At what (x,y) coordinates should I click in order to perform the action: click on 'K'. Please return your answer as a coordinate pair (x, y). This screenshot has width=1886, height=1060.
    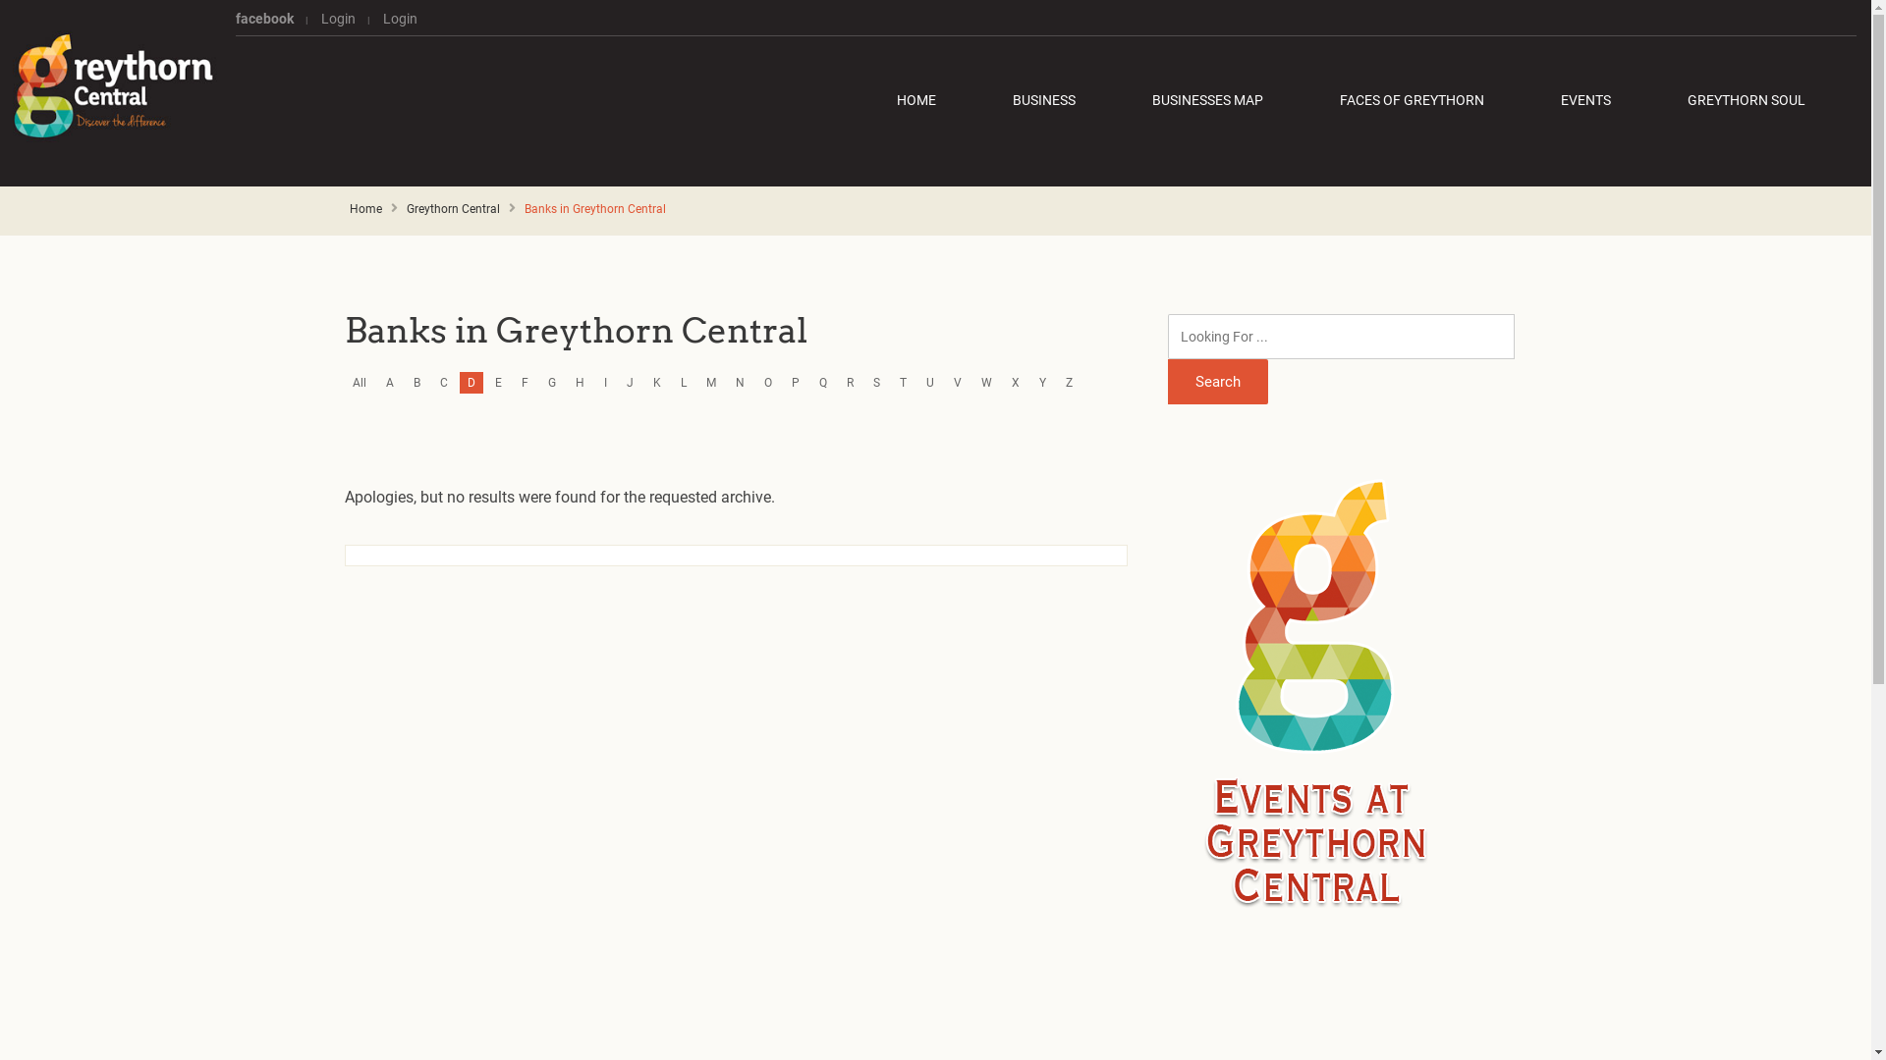
    Looking at the image, I should click on (656, 382).